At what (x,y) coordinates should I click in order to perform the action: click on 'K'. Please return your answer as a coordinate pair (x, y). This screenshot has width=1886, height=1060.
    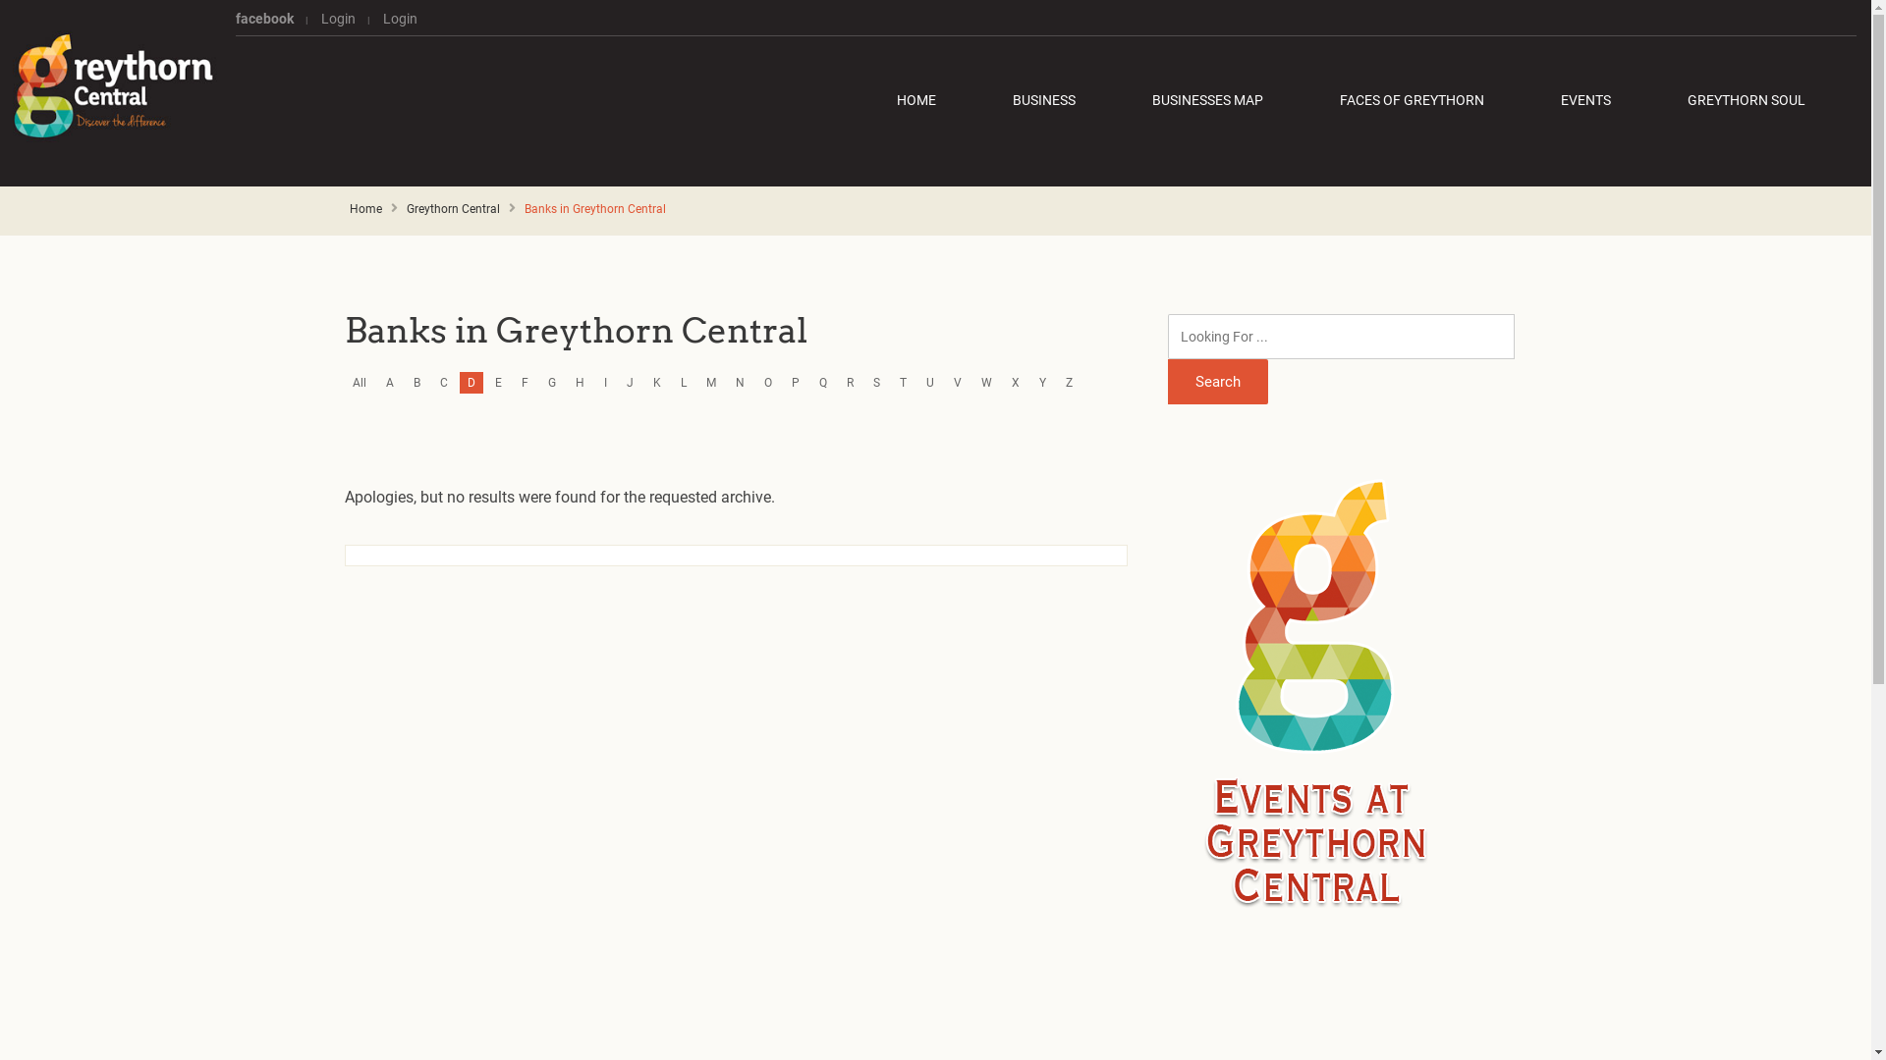
    Looking at the image, I should click on (656, 382).